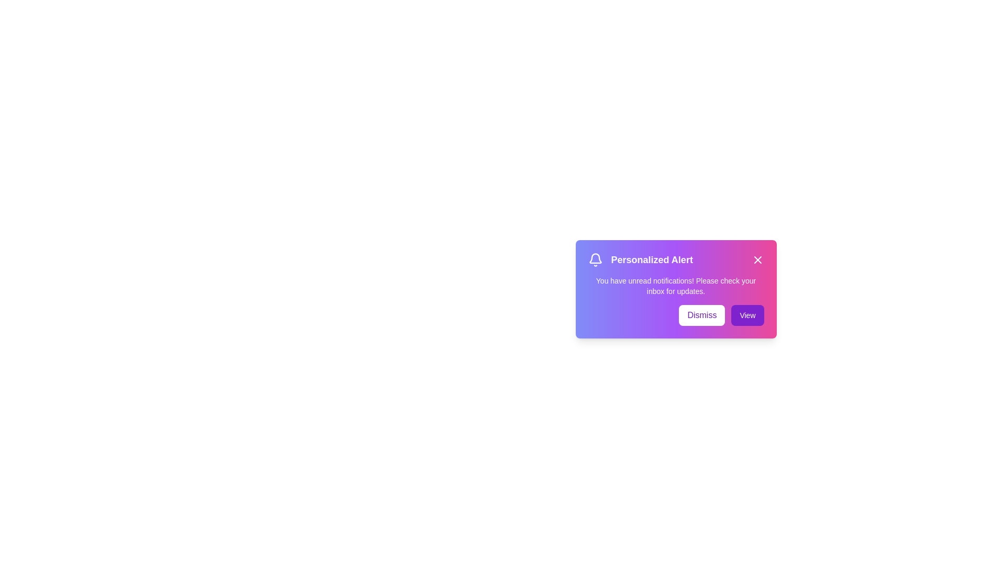 This screenshot has width=1005, height=565. I want to click on the close button to close the notification popup, so click(757, 259).